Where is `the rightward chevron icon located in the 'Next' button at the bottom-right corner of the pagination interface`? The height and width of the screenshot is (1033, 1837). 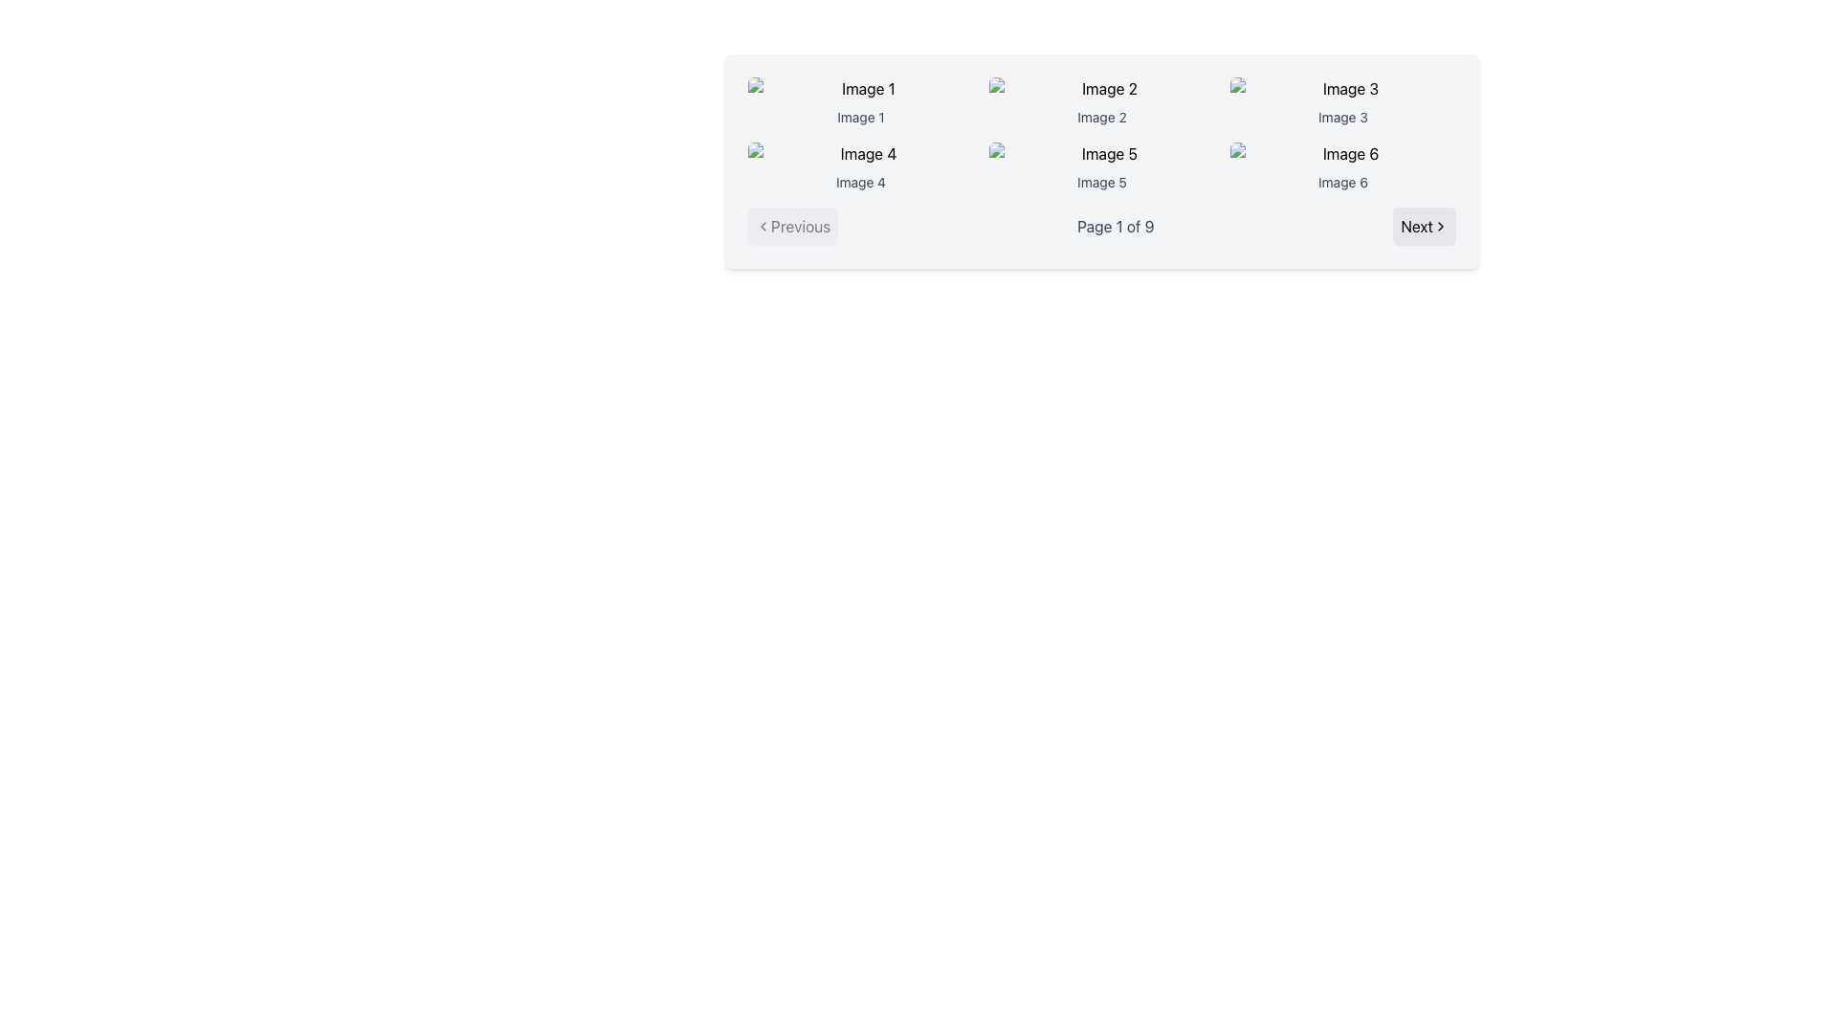 the rightward chevron icon located in the 'Next' button at the bottom-right corner of the pagination interface is located at coordinates (1441, 225).